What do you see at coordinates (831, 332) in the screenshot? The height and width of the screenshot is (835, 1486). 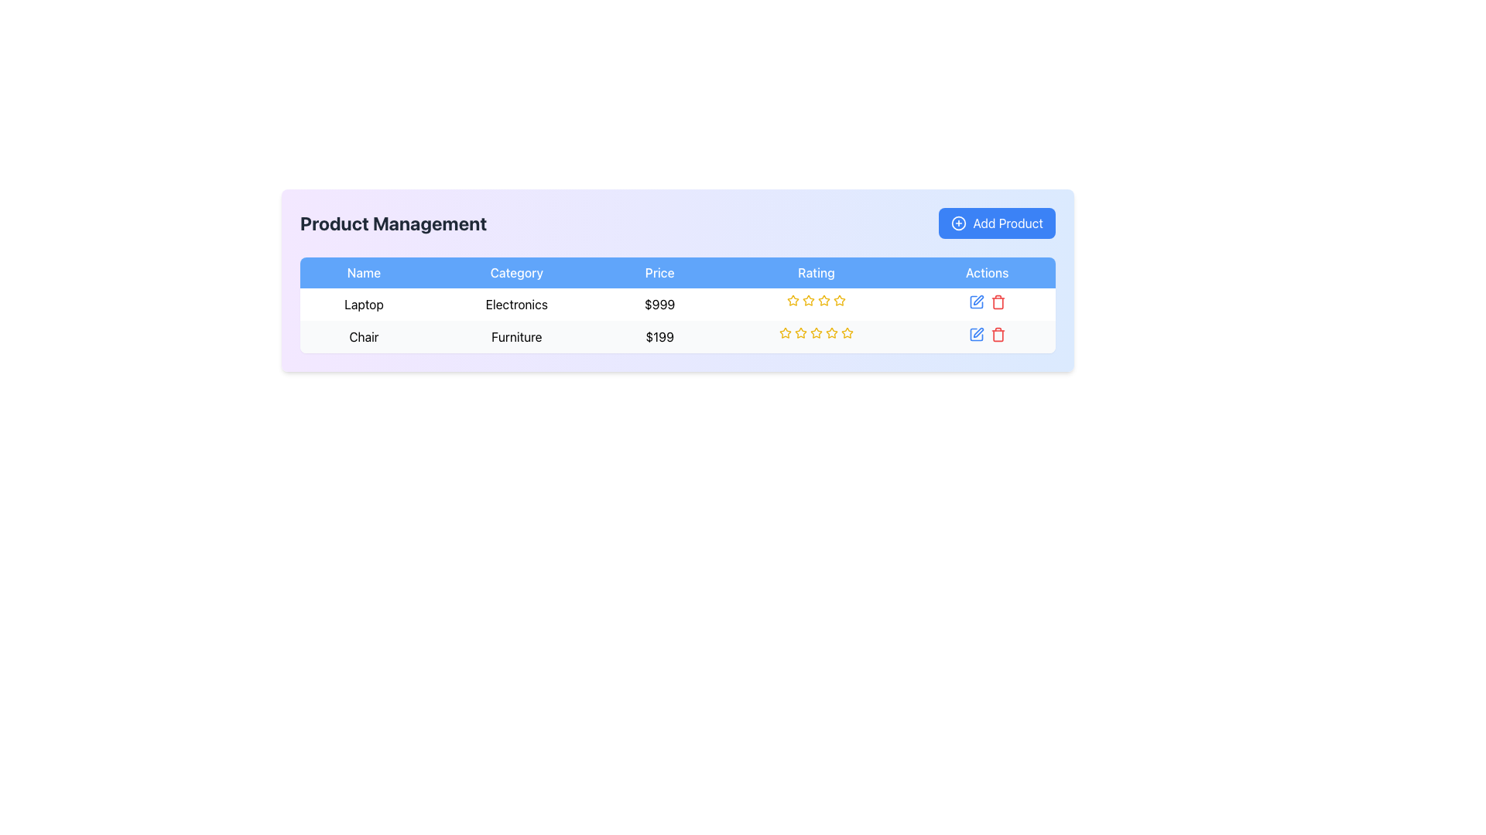 I see `the fifth decorative star icon in the rating system located in the second row of the 'Rating' column` at bounding box center [831, 332].